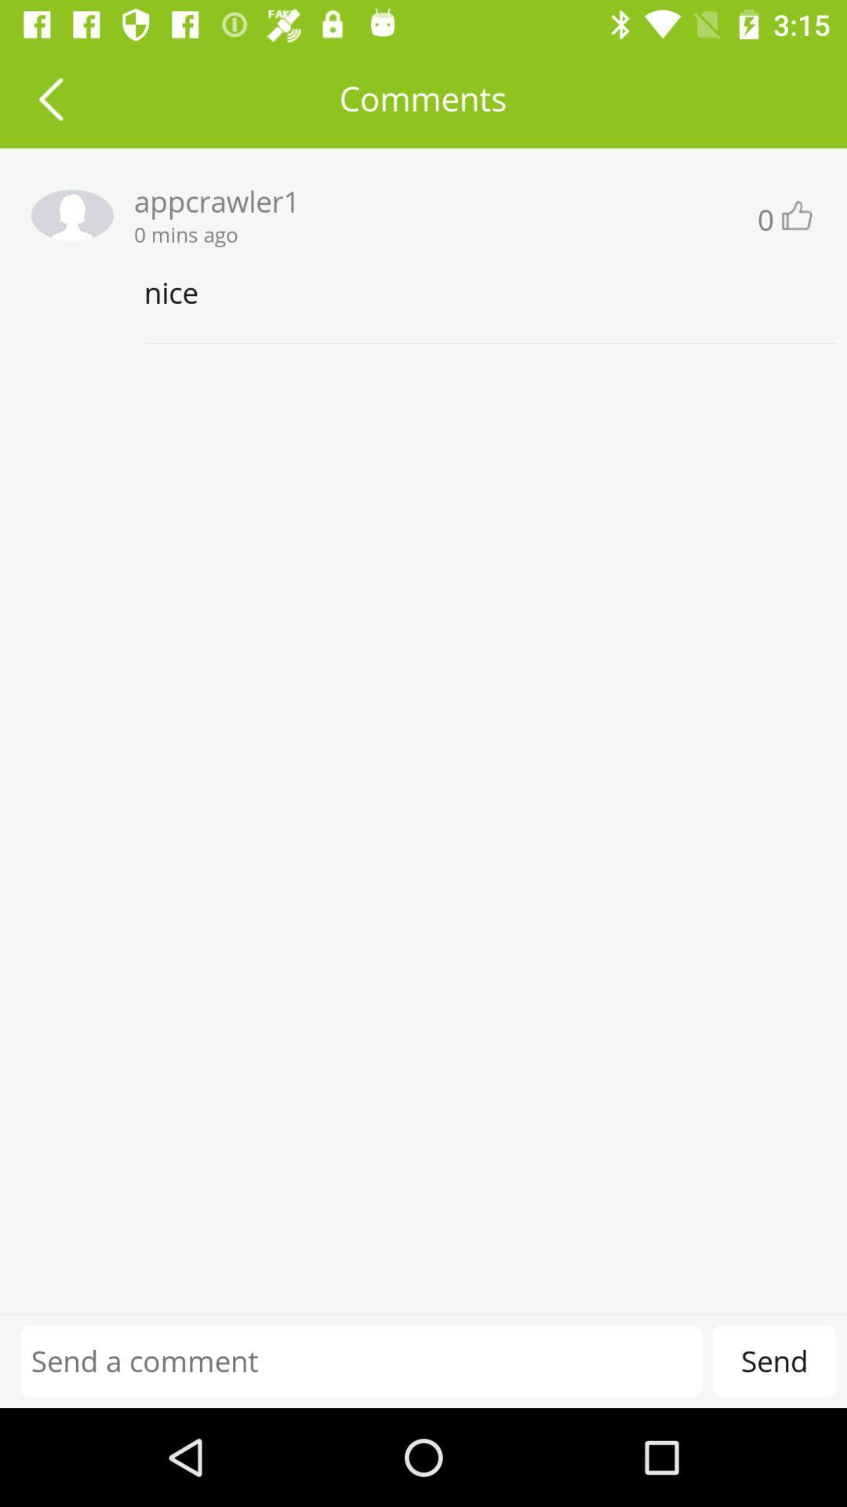 This screenshot has height=1507, width=847. I want to click on icon to the left of send, so click(361, 1360).